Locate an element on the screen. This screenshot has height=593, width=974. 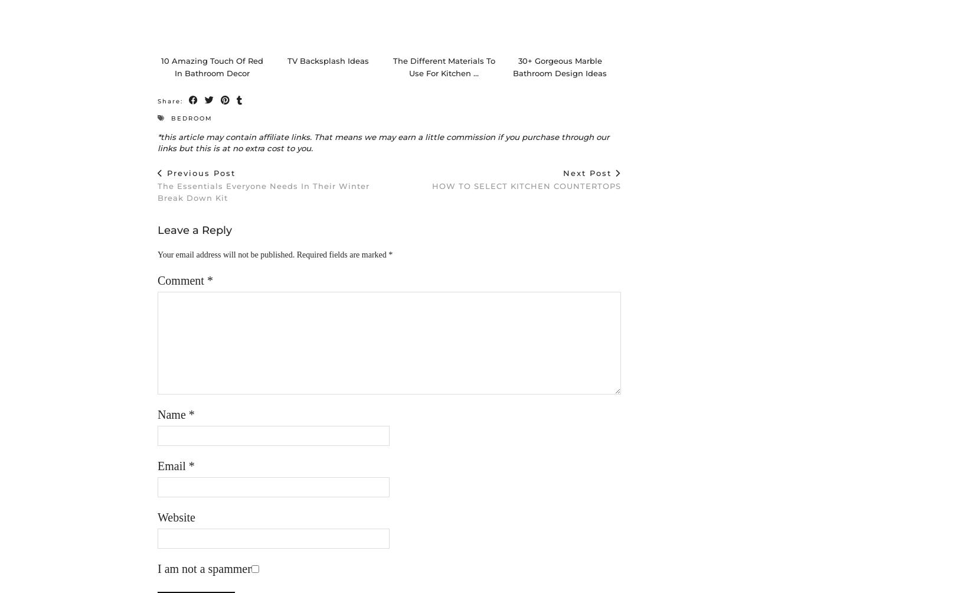
'HOW TO SELECT KITCHEN COUNTERTOPS' is located at coordinates (431, 198).